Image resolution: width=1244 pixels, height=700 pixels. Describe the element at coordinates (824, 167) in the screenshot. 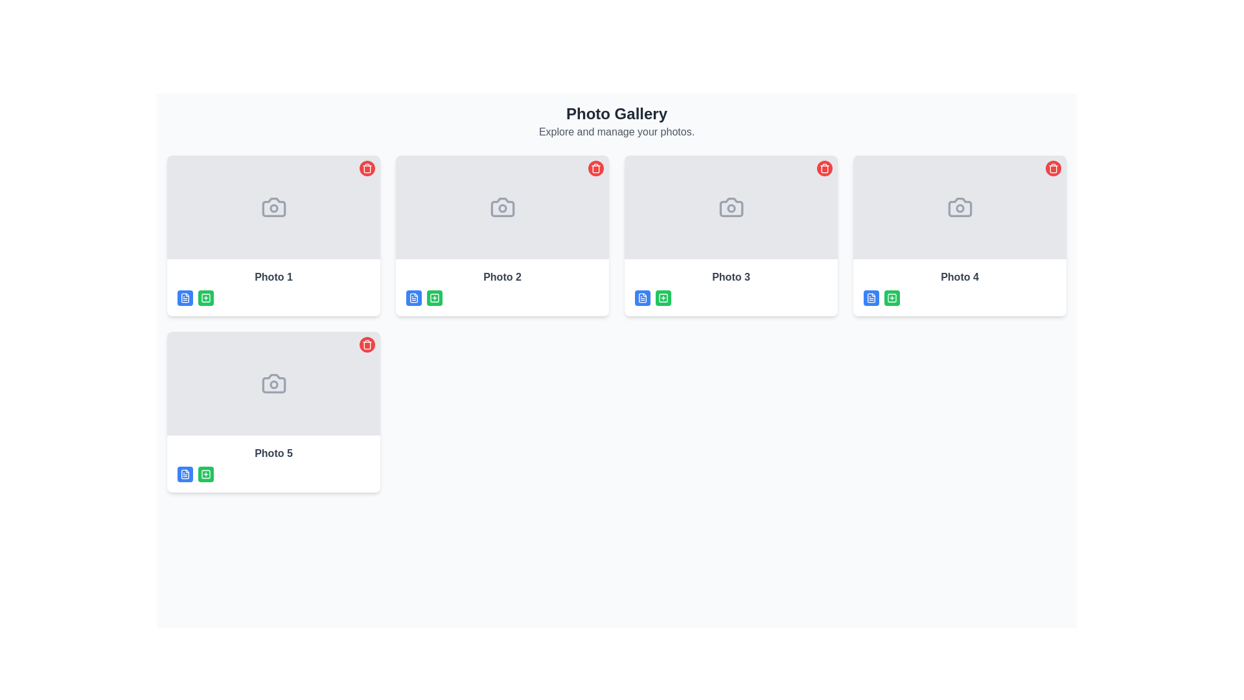

I see `the circular red button with a white trash can icon located in the upper-right corner of the 'Photo 3' card` at that location.